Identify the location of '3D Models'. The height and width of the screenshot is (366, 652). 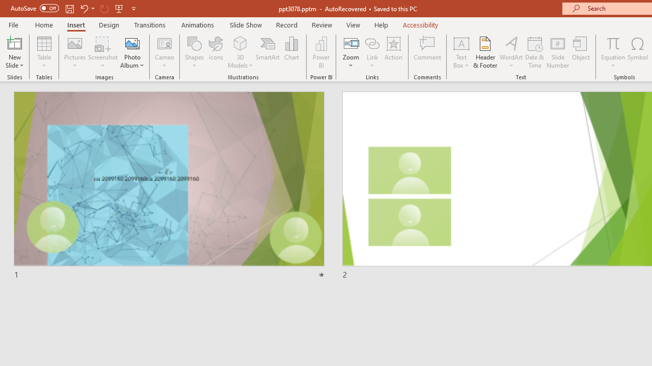
(240, 52).